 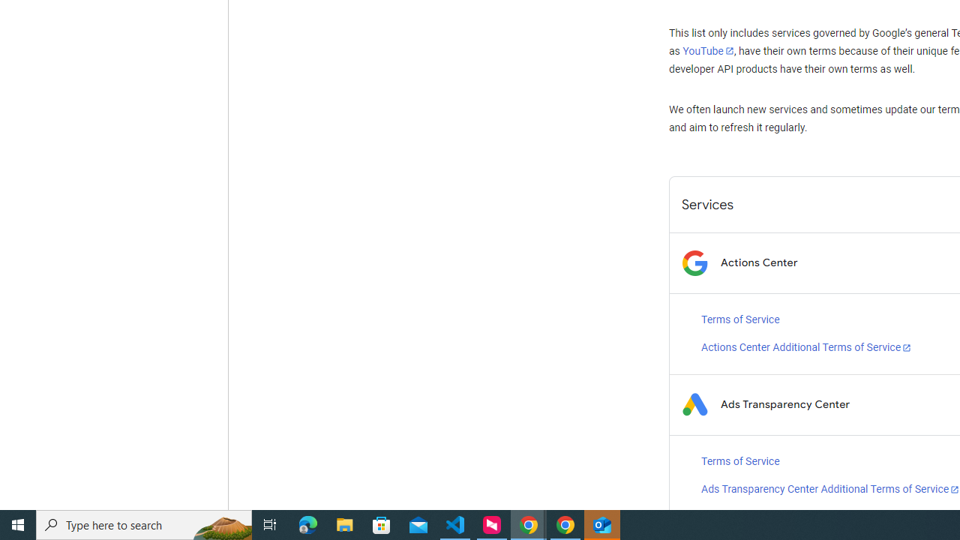 I want to click on 'Logo for Actions Center', so click(x=694, y=262).